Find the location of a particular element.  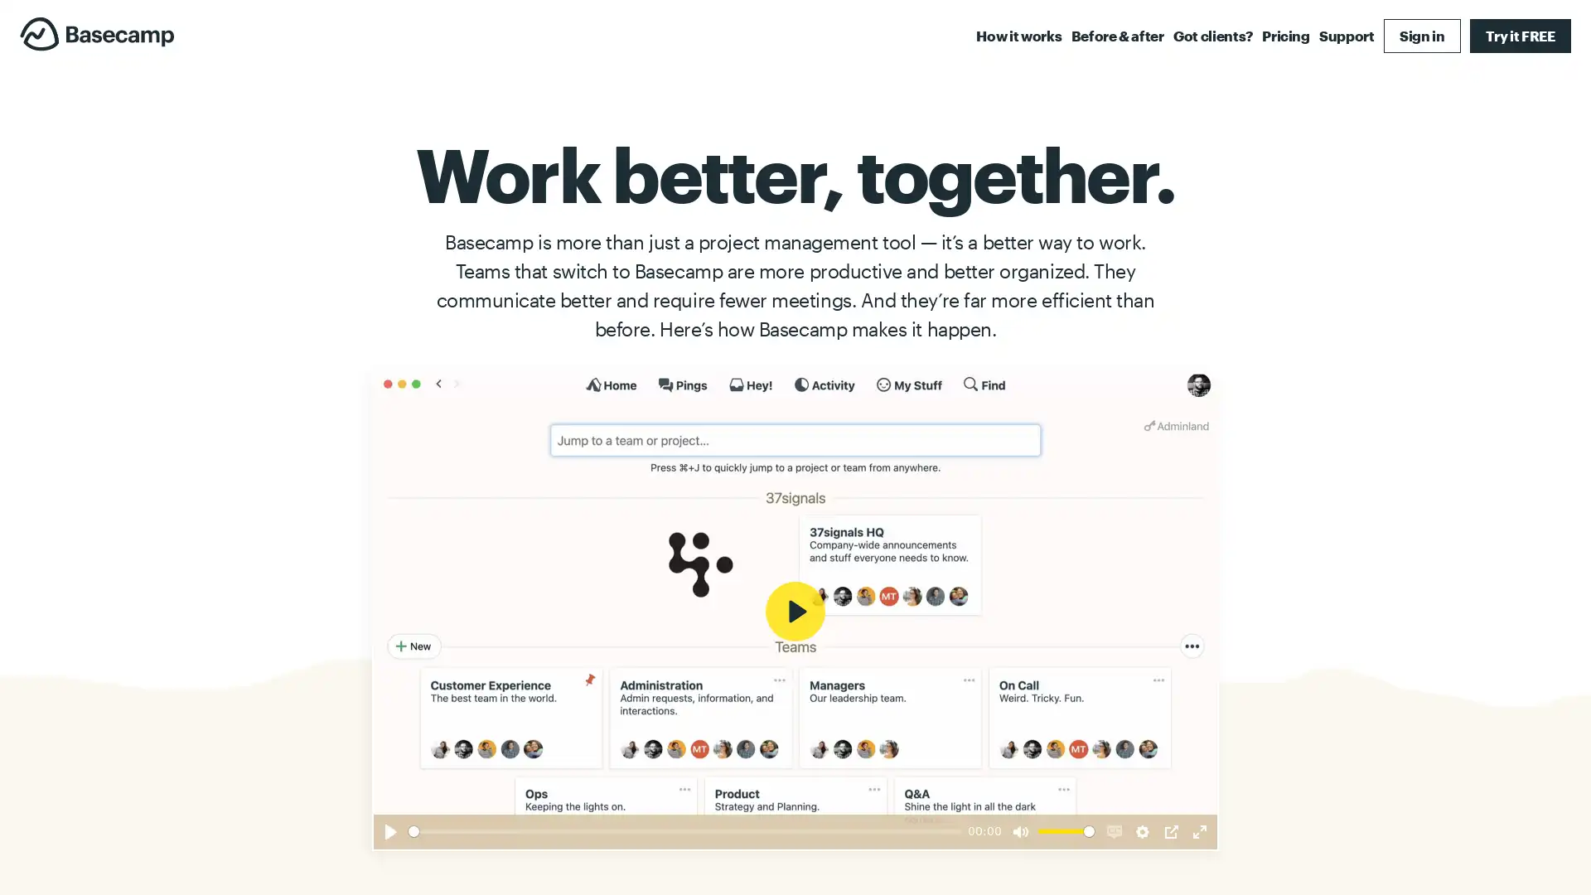

Mute is located at coordinates (1020, 830).